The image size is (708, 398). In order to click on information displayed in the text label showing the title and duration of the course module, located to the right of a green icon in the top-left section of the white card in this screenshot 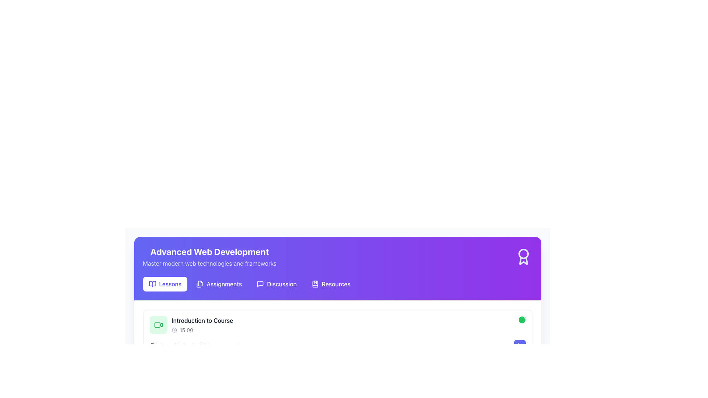, I will do `click(202, 325)`.